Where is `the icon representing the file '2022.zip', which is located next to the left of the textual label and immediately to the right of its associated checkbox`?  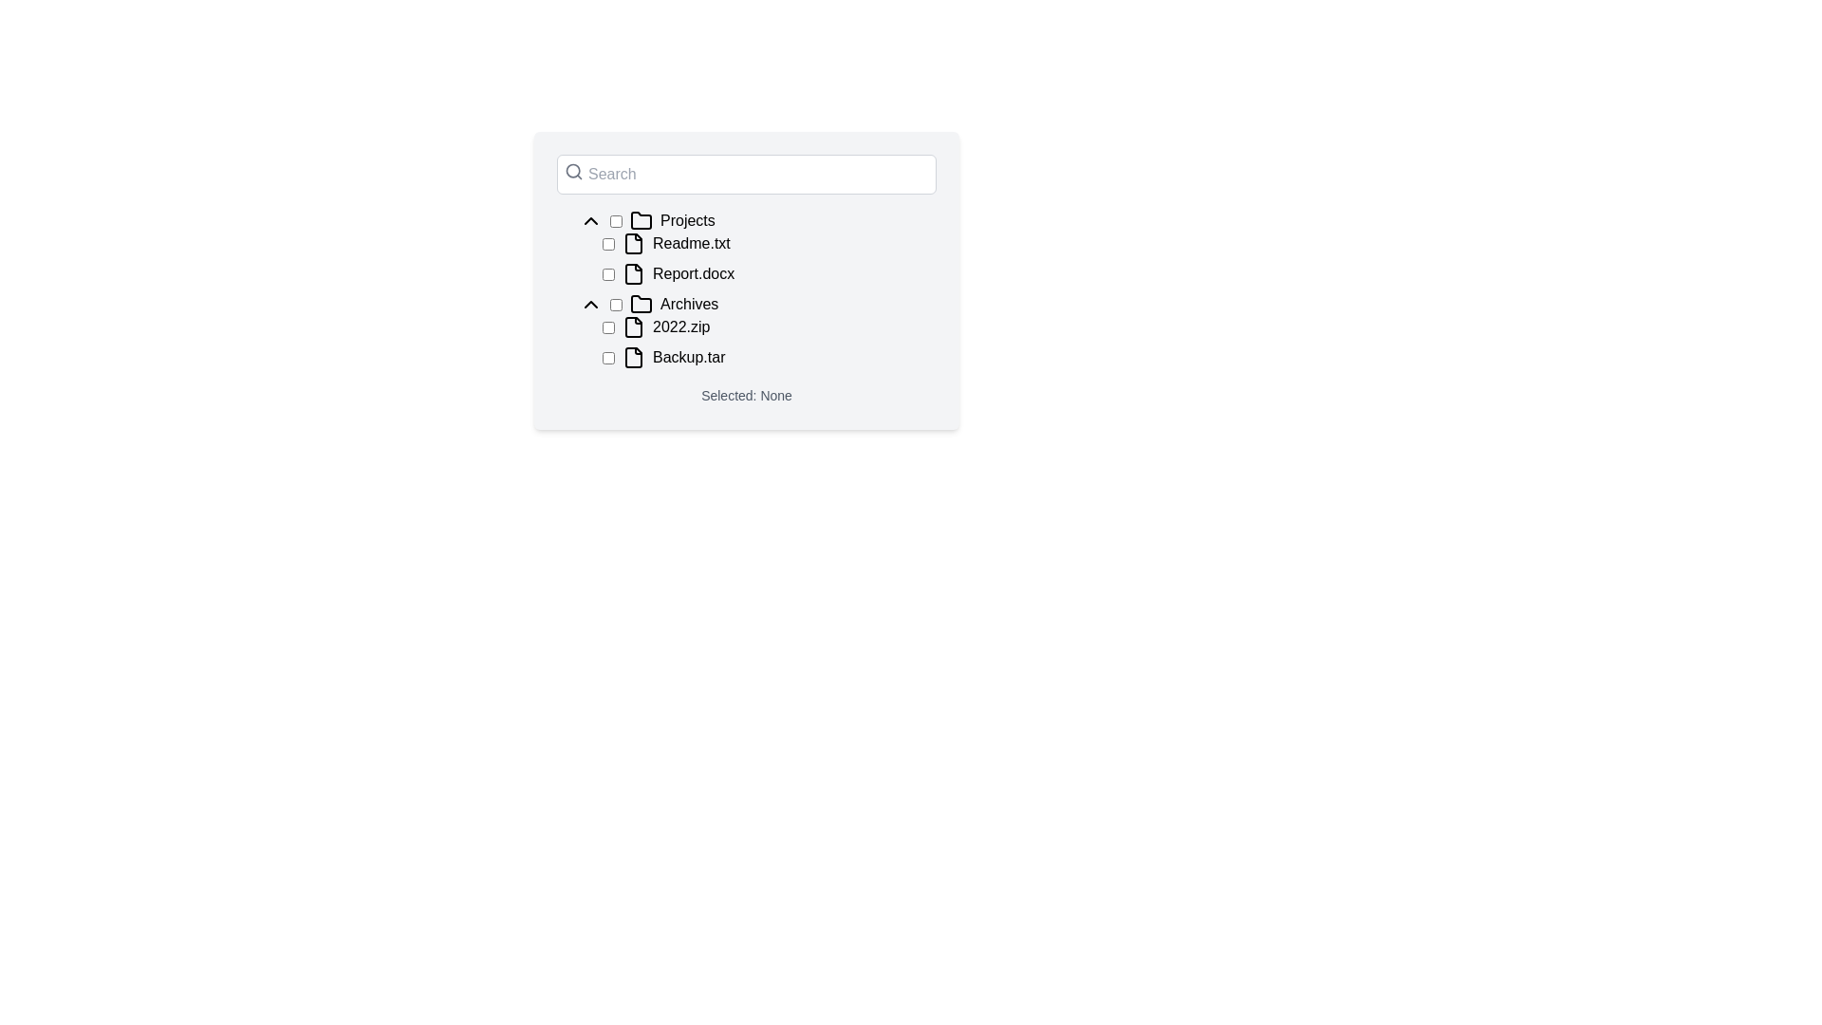 the icon representing the file '2022.zip', which is located next to the left of the textual label and immediately to the right of its associated checkbox is located at coordinates (633, 326).